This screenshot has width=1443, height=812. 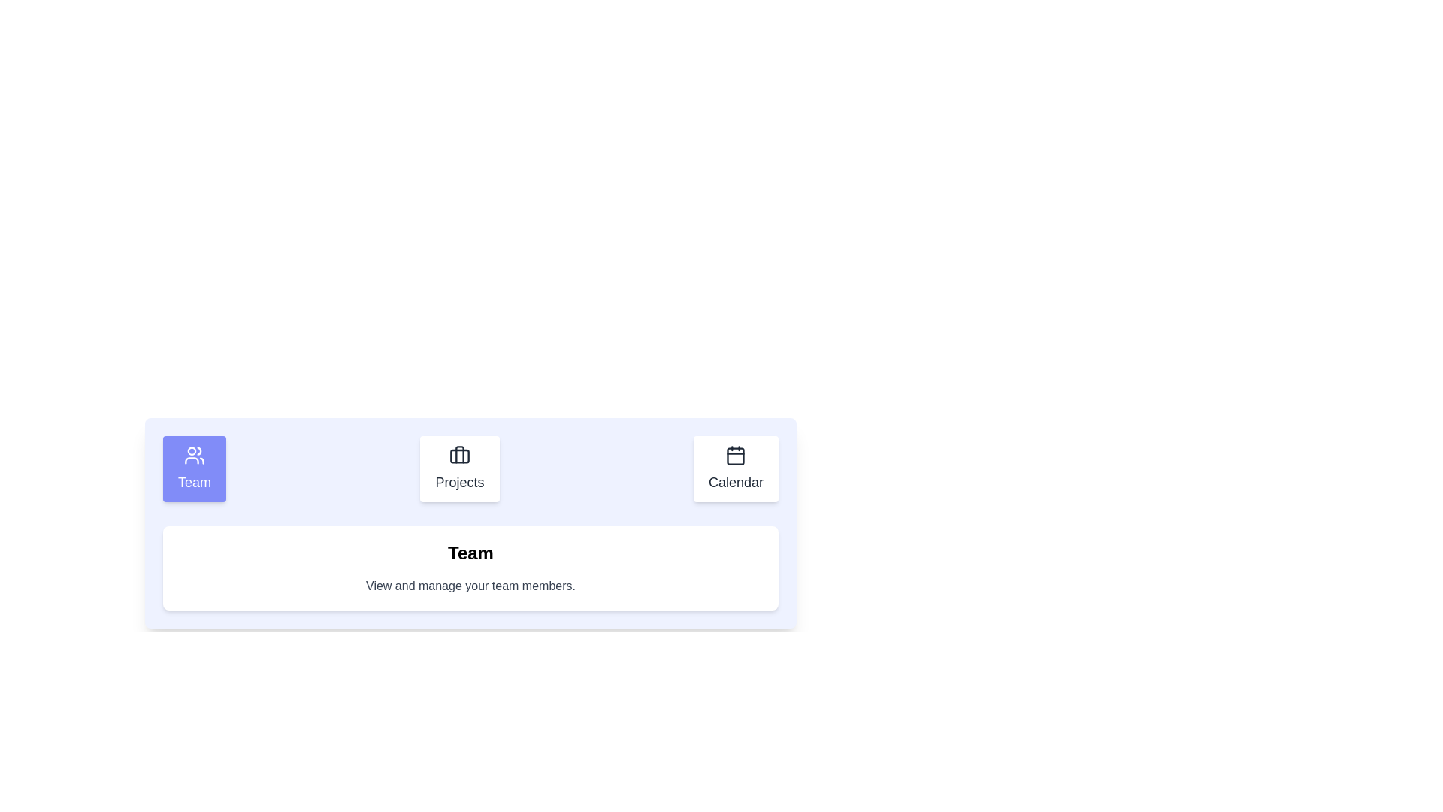 I want to click on the Projects tab to observe its hover effect, so click(x=458, y=468).